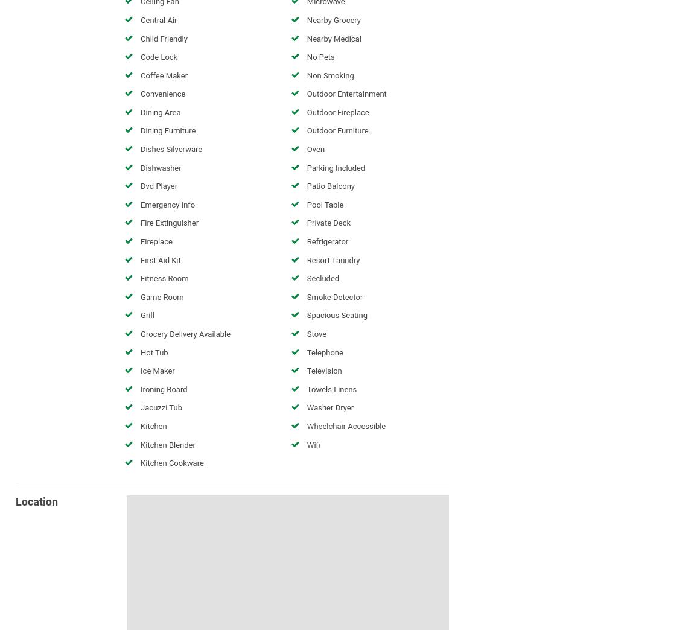  What do you see at coordinates (334, 37) in the screenshot?
I see `'Nearby Medical'` at bounding box center [334, 37].